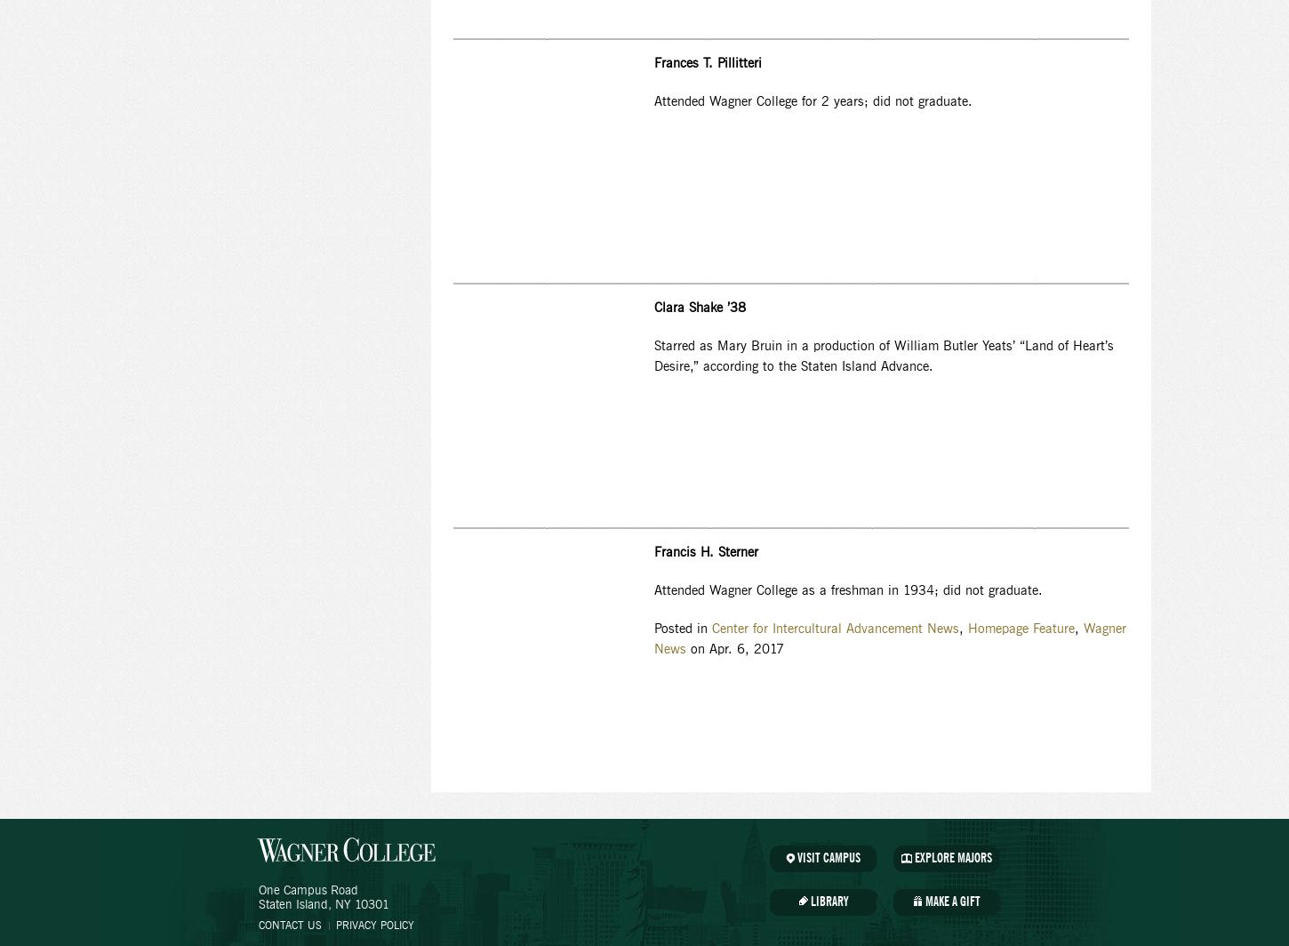  I want to click on 'Francis H. Sterner', so click(706, 553).